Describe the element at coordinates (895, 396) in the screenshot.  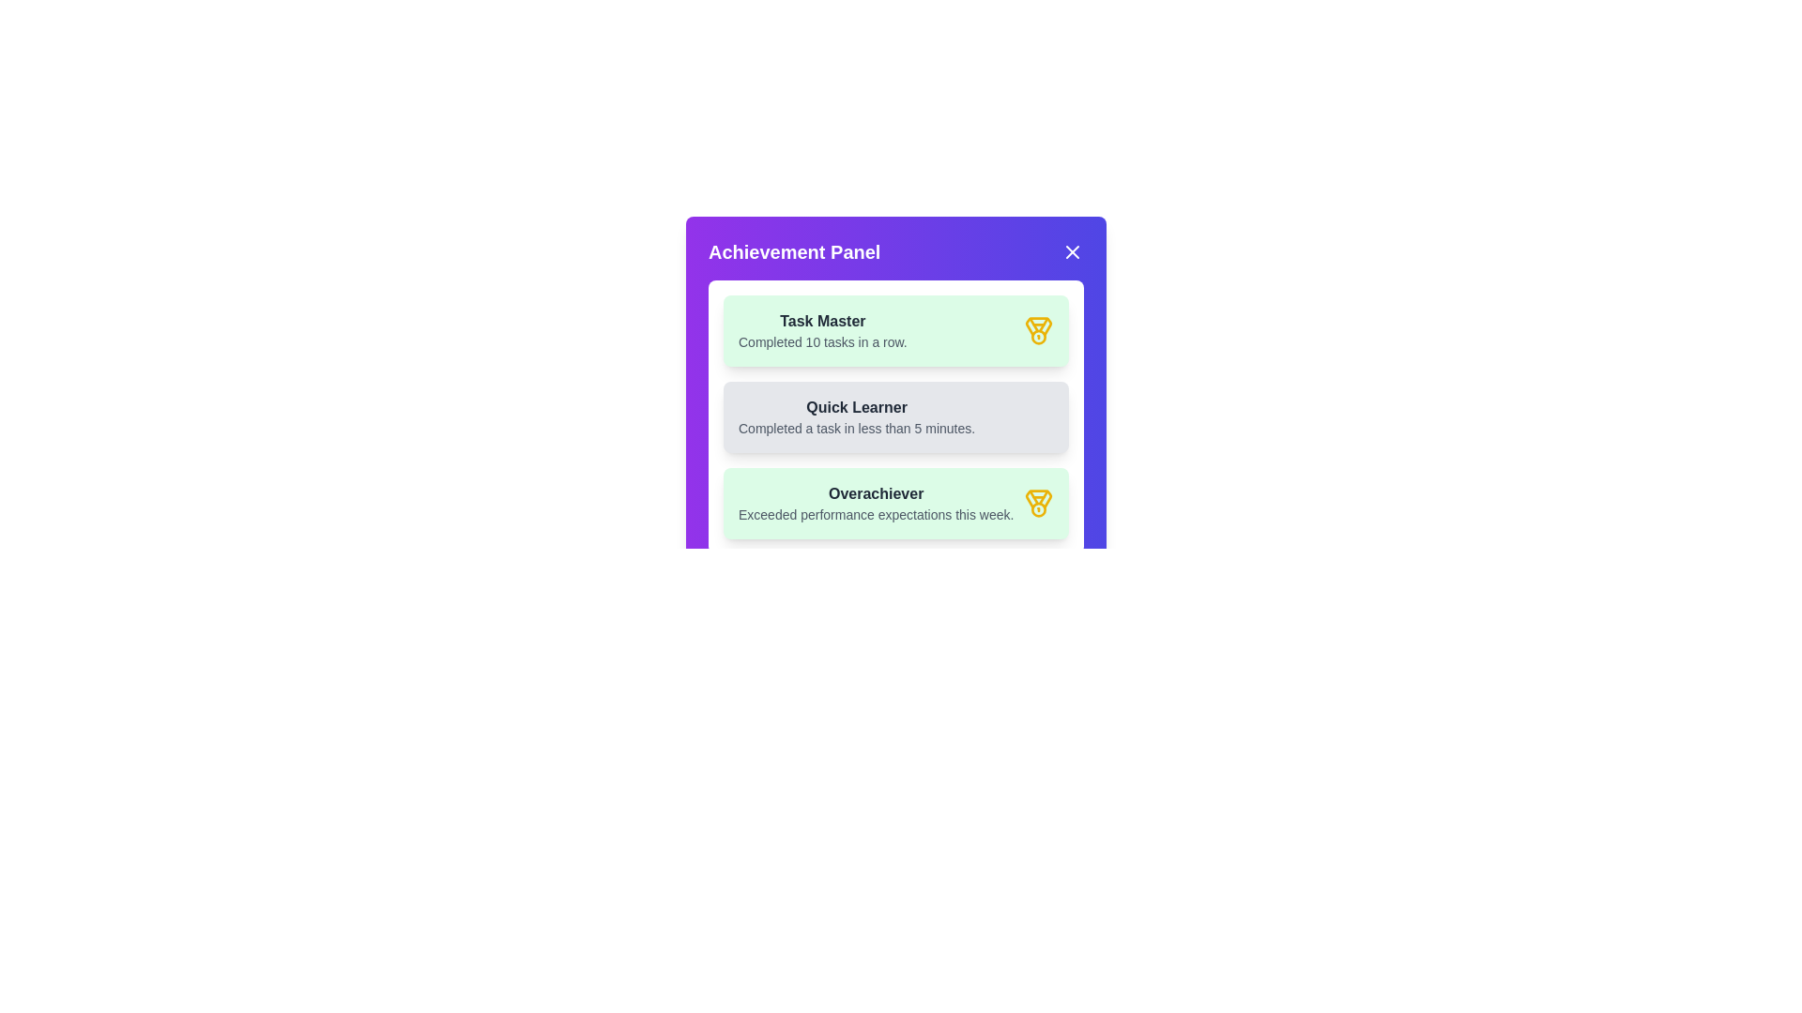
I see `the 'Quick Learner' Achievement card, which displays the achievement 'Completed a task in less than 5 minutes.'` at that location.